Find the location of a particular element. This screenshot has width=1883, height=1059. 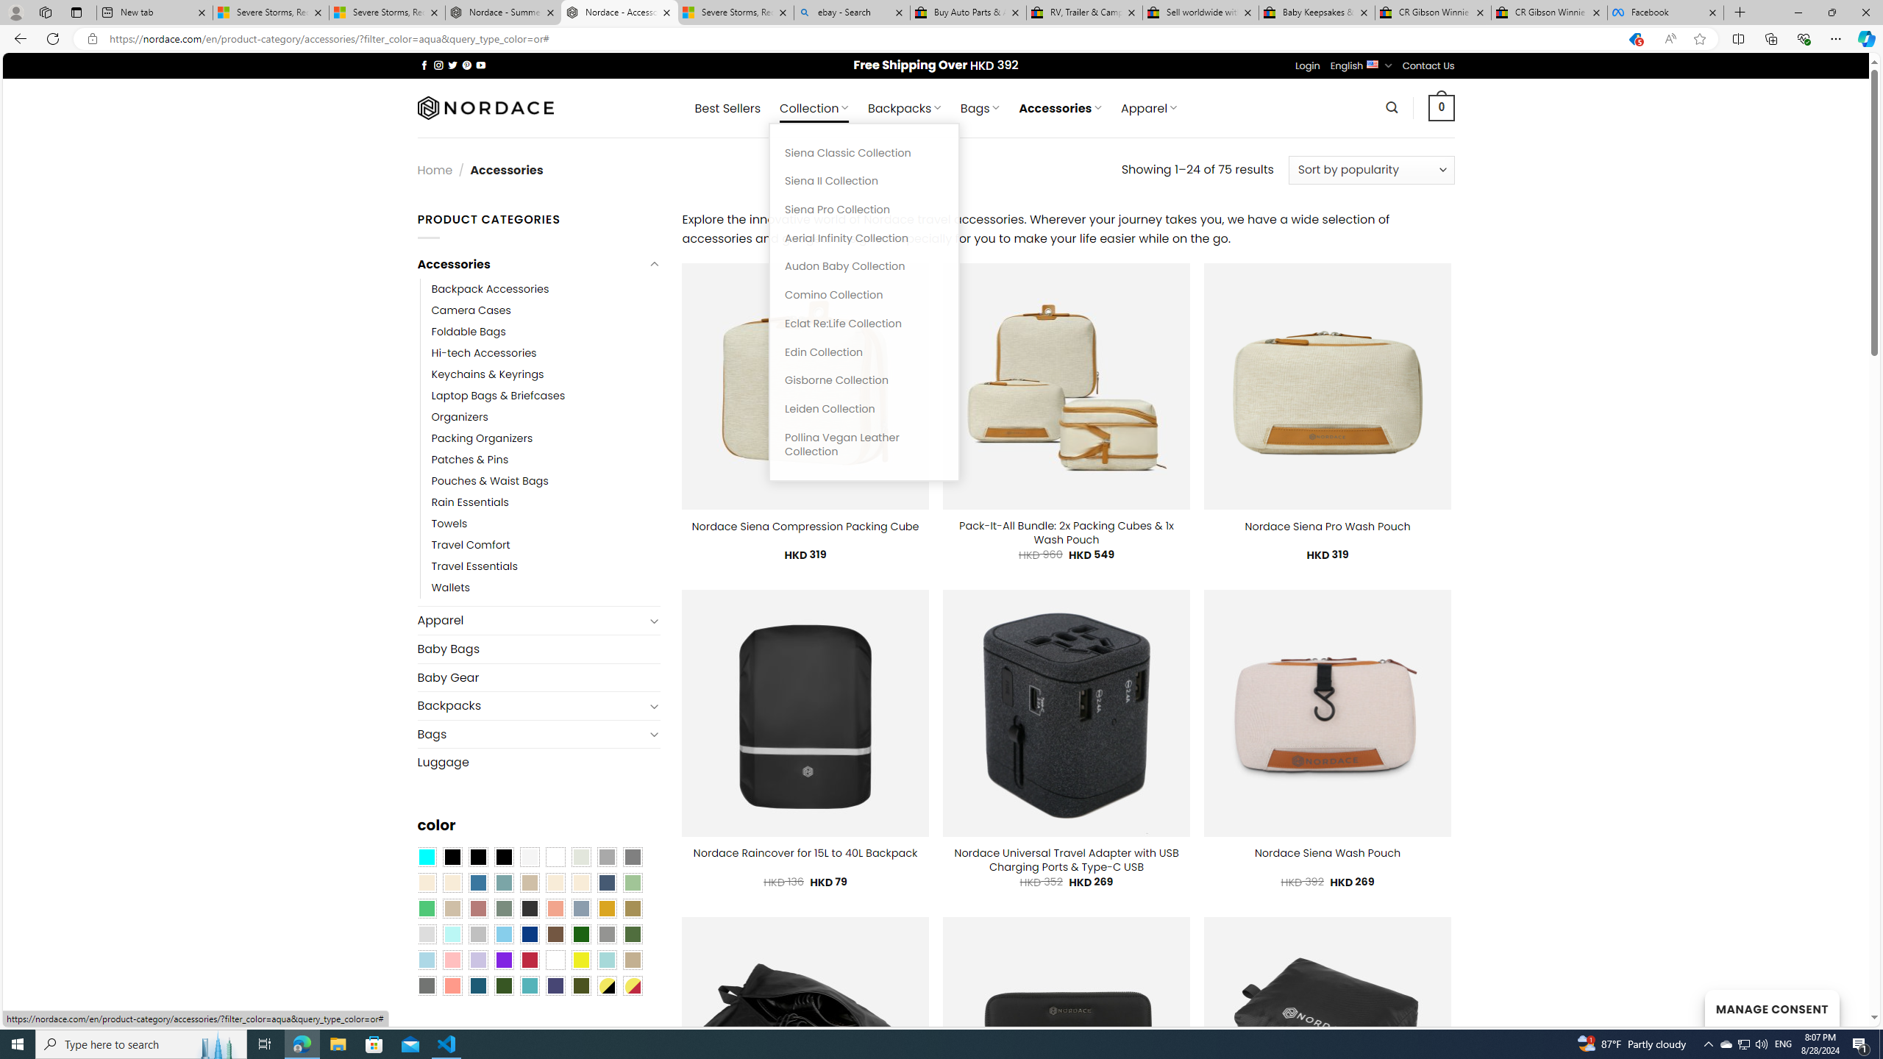

'Packing Organizers' is located at coordinates (482, 438).